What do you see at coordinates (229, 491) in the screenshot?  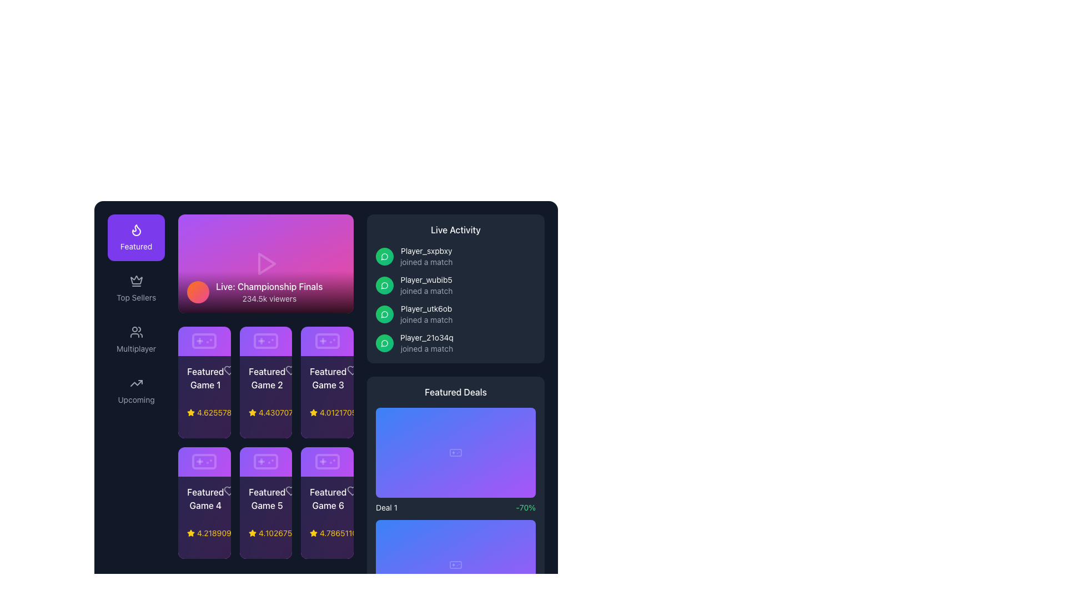 I see `the heart-shaped icon button` at bounding box center [229, 491].